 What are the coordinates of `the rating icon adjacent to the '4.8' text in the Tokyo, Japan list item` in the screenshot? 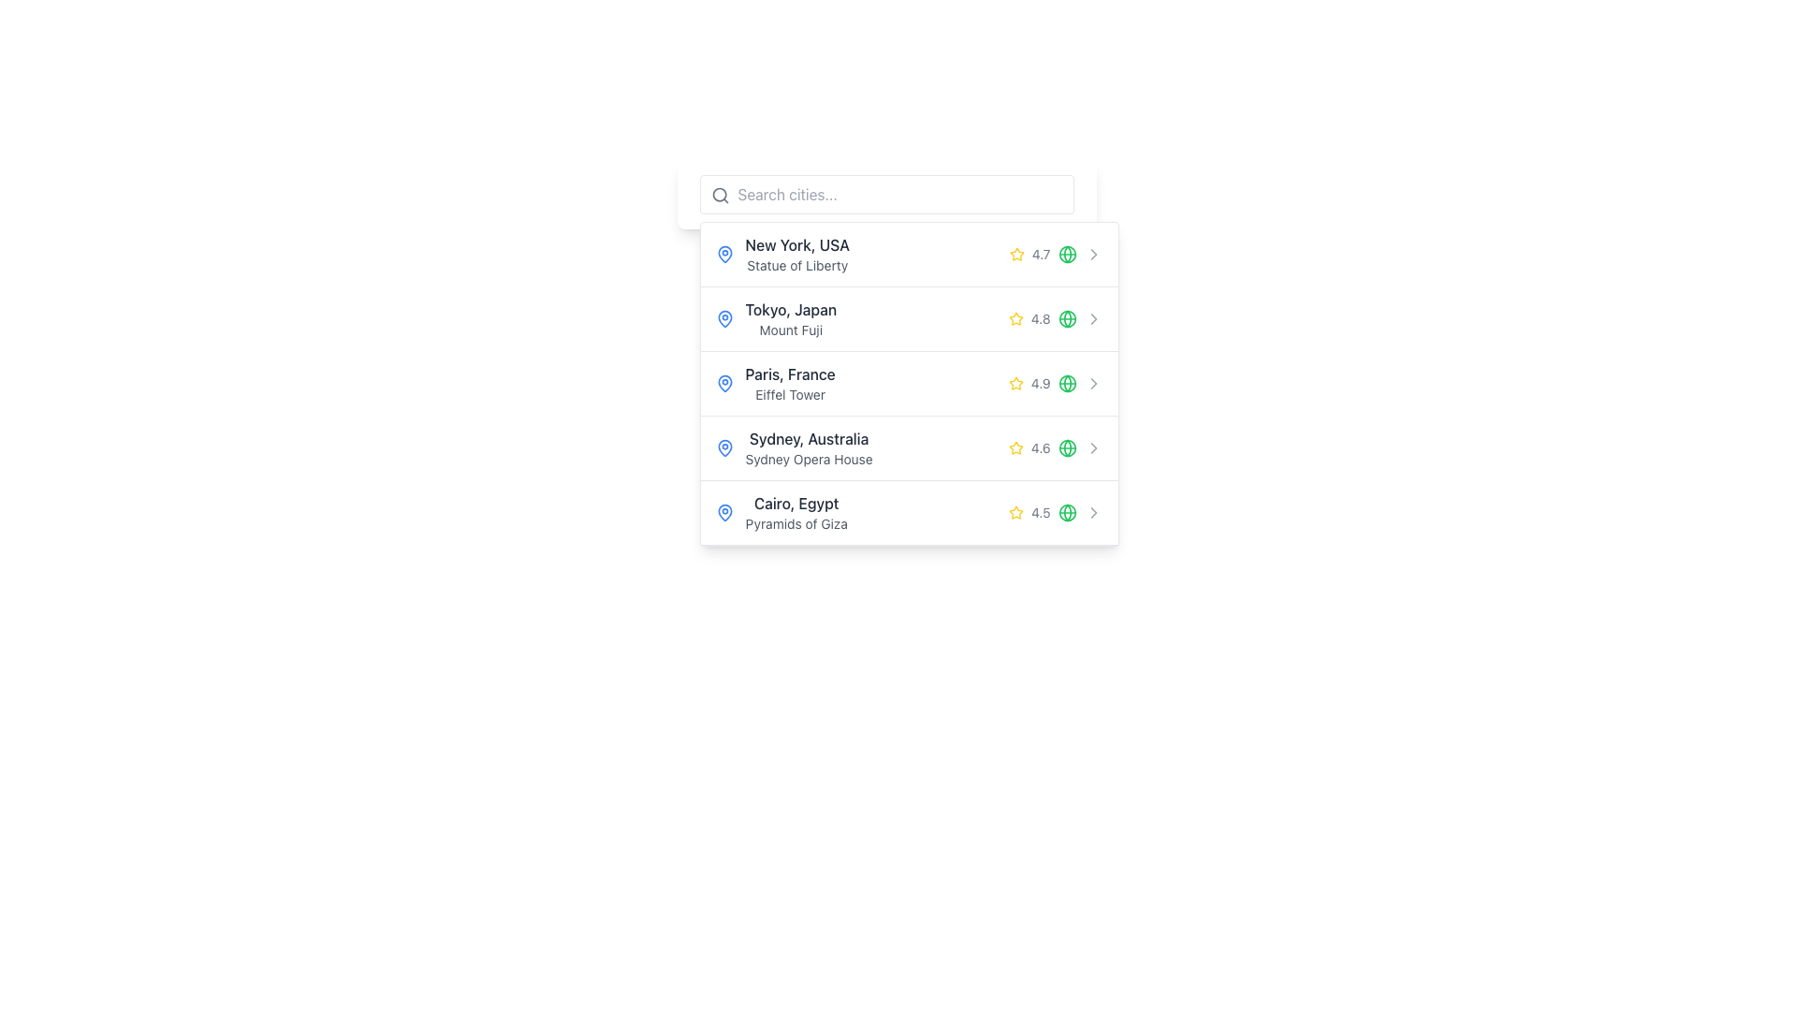 It's located at (1015, 317).